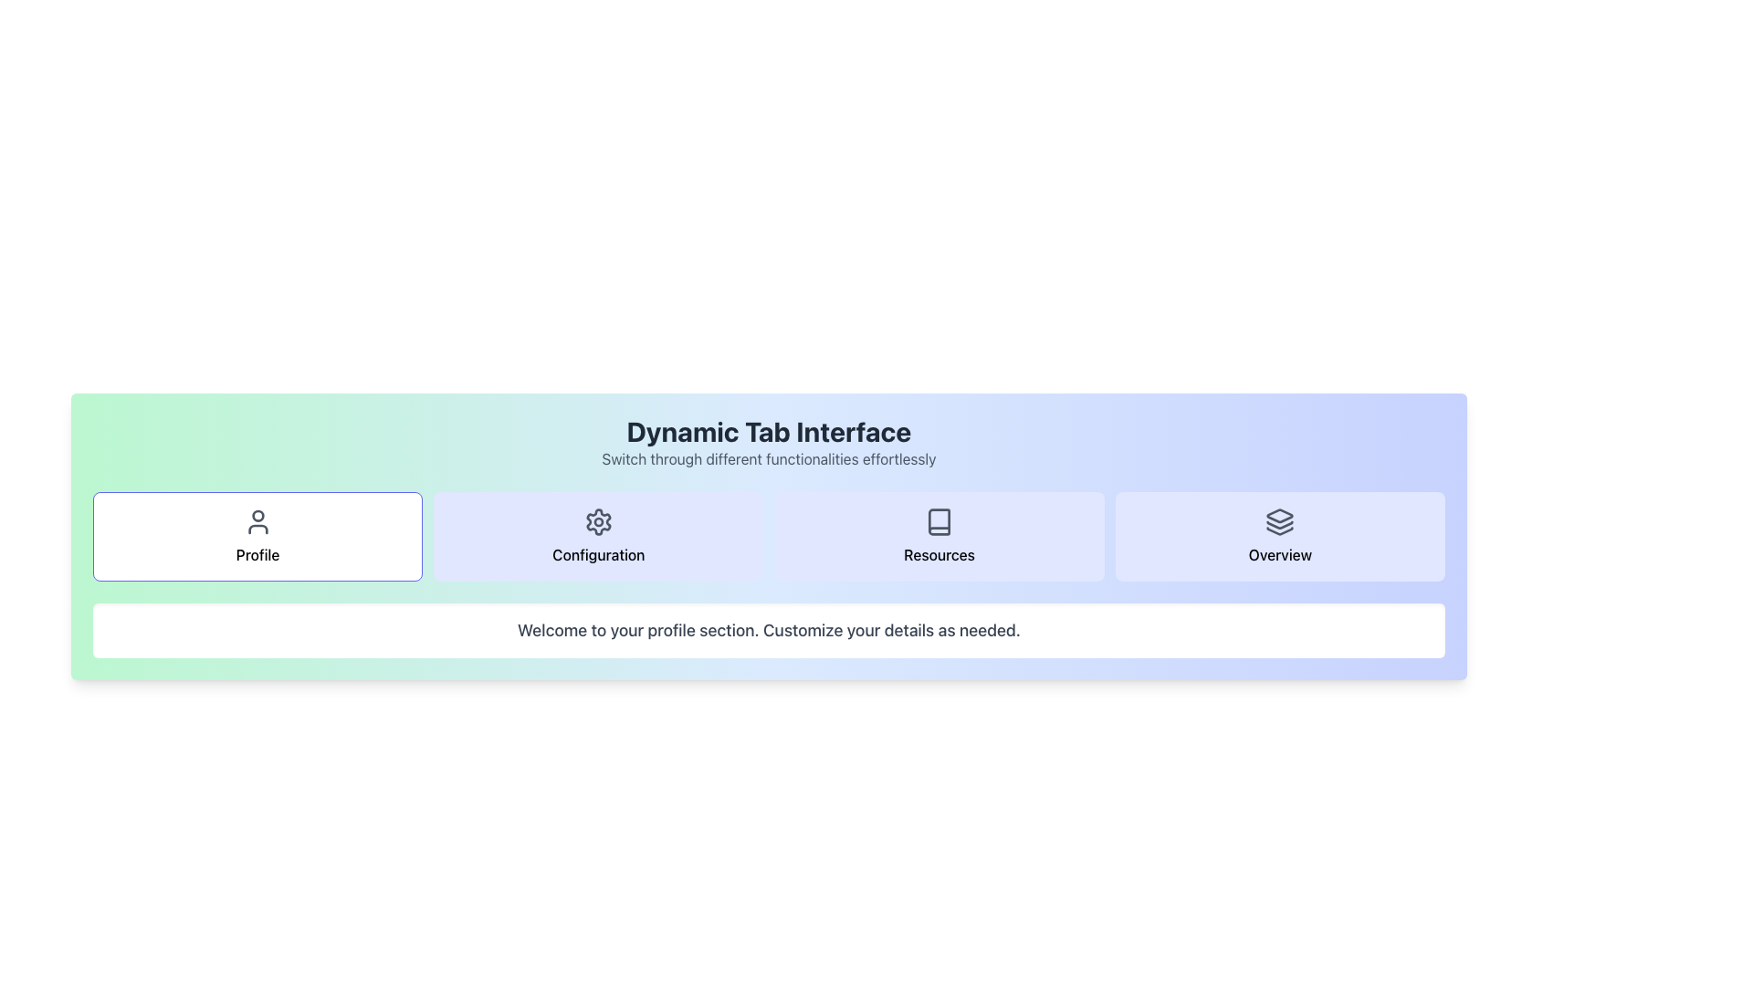 Image resolution: width=1753 pixels, height=986 pixels. Describe the element at coordinates (769, 629) in the screenshot. I see `informational text block that welcomes the user to their profile section and provides customization suggestions, located in the lower part of the main interface, below the tab components` at that location.